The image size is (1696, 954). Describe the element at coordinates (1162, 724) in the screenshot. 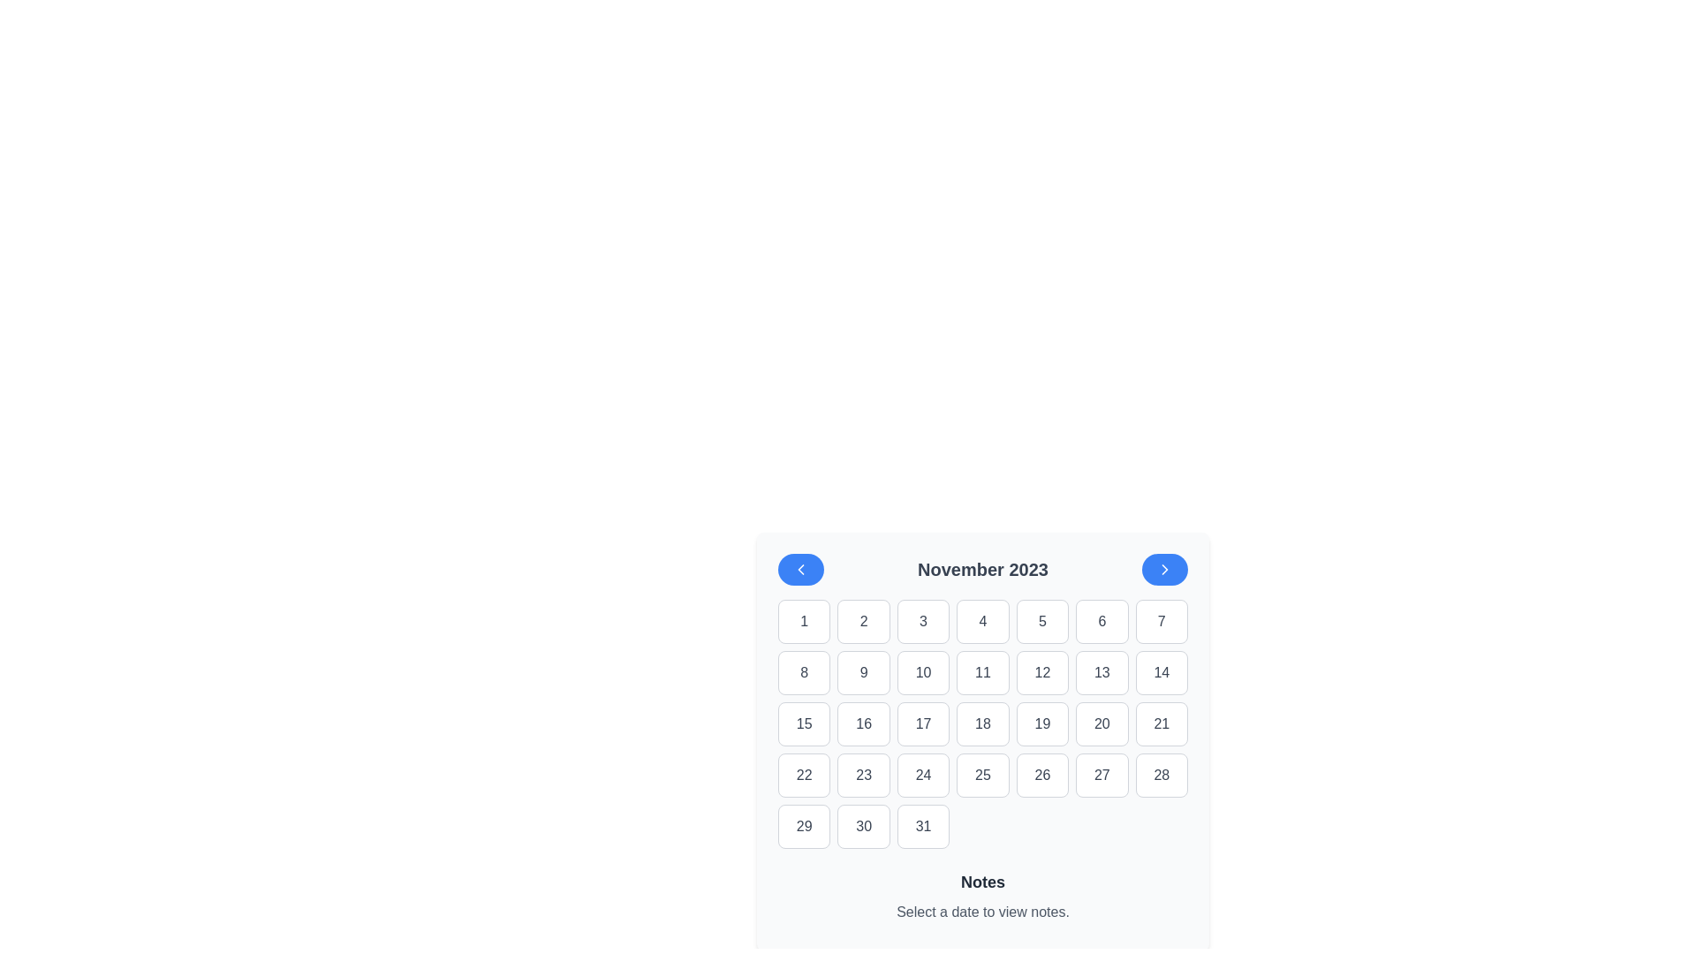

I see `the square button with the number '21' centered in dark gray font in the calendar grid for November 2023` at that location.